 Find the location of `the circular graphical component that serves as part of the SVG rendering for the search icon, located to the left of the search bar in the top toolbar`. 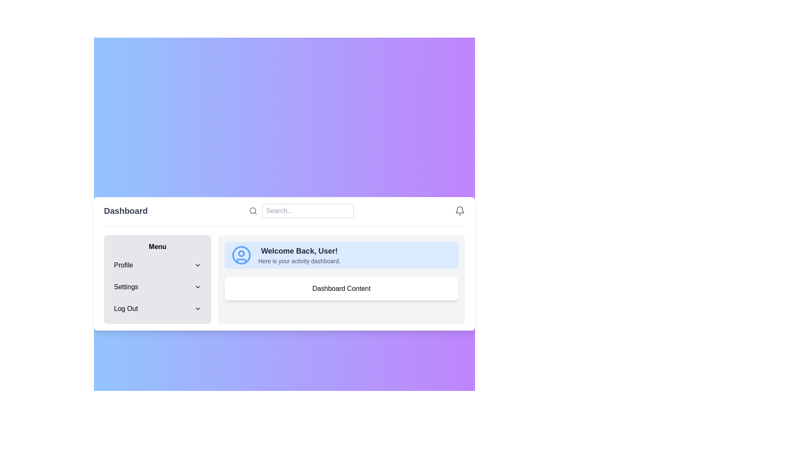

the circular graphical component that serves as part of the SVG rendering for the search icon, located to the left of the search bar in the top toolbar is located at coordinates (252, 210).